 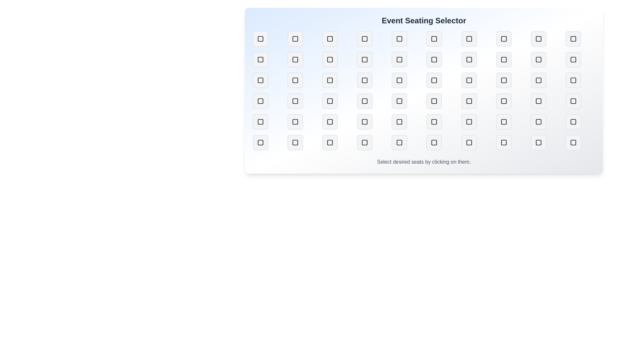 What do you see at coordinates (424, 162) in the screenshot?
I see `the instruction text at the bottom of the component` at bounding box center [424, 162].